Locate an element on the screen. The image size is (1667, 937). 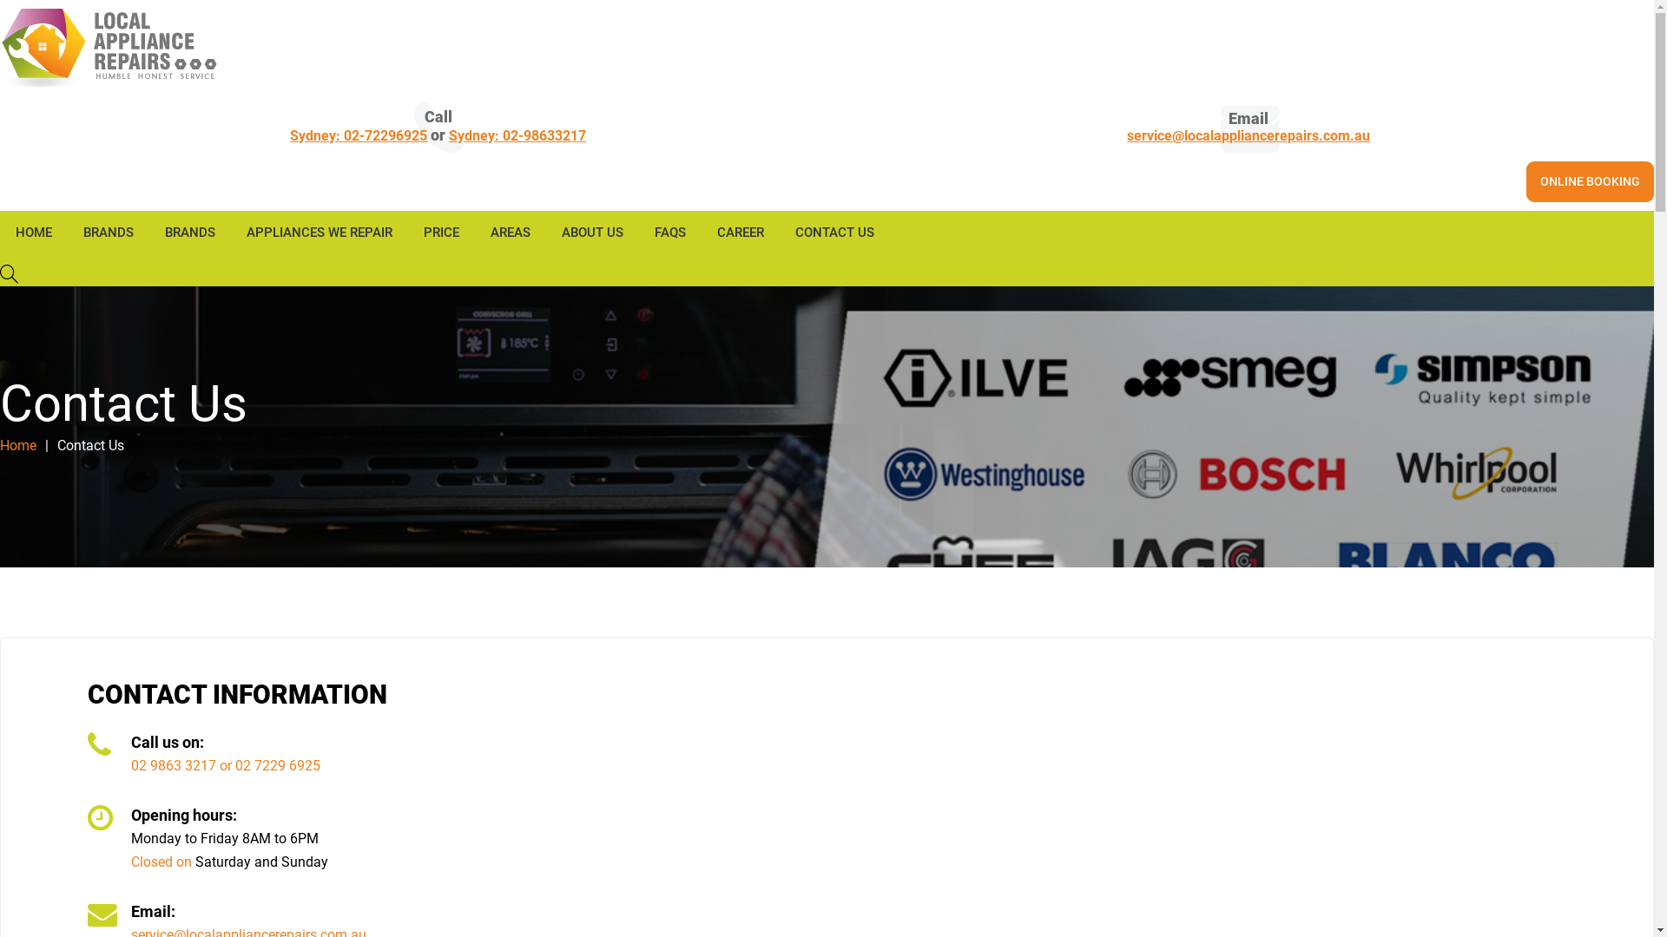
'Sydney: 02-98633217' is located at coordinates (516, 135).